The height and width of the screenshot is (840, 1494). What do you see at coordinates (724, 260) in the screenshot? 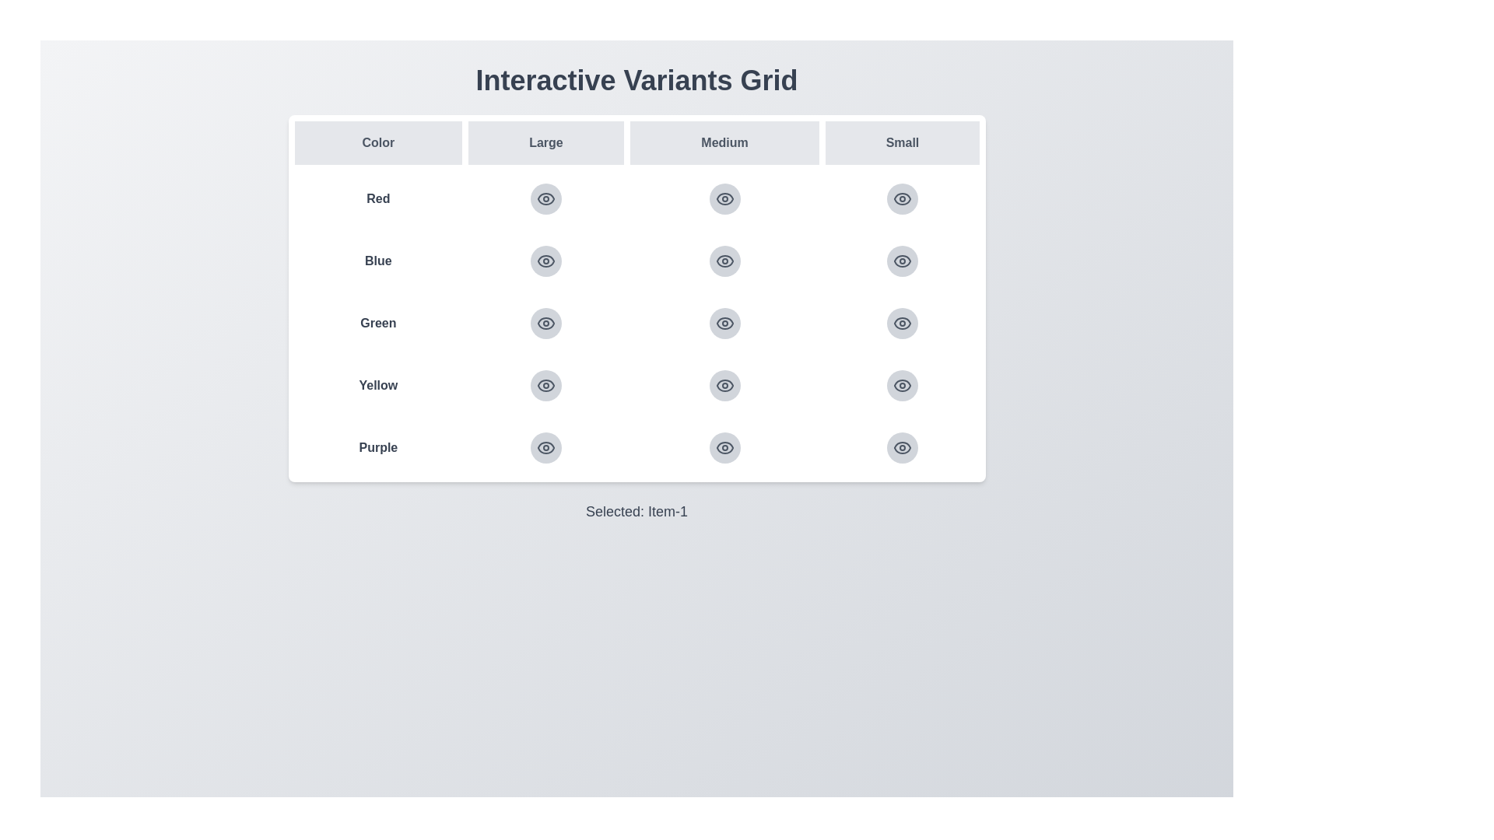
I see `the eye icon button in the 'Medium' column under the 'Blue' row` at bounding box center [724, 260].